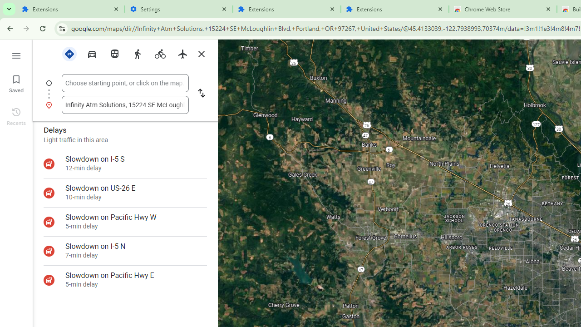 This screenshot has height=327, width=581. Describe the element at coordinates (114, 53) in the screenshot. I see `'Transit'` at that location.